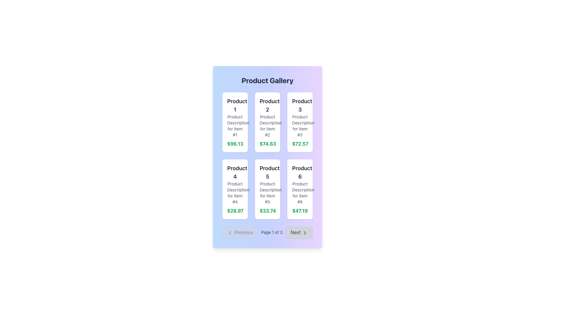 The width and height of the screenshot is (574, 323). What do you see at coordinates (300, 105) in the screenshot?
I see `on the product title label which identifies the product by its name or number, positioned above the description and price in the product card` at bounding box center [300, 105].